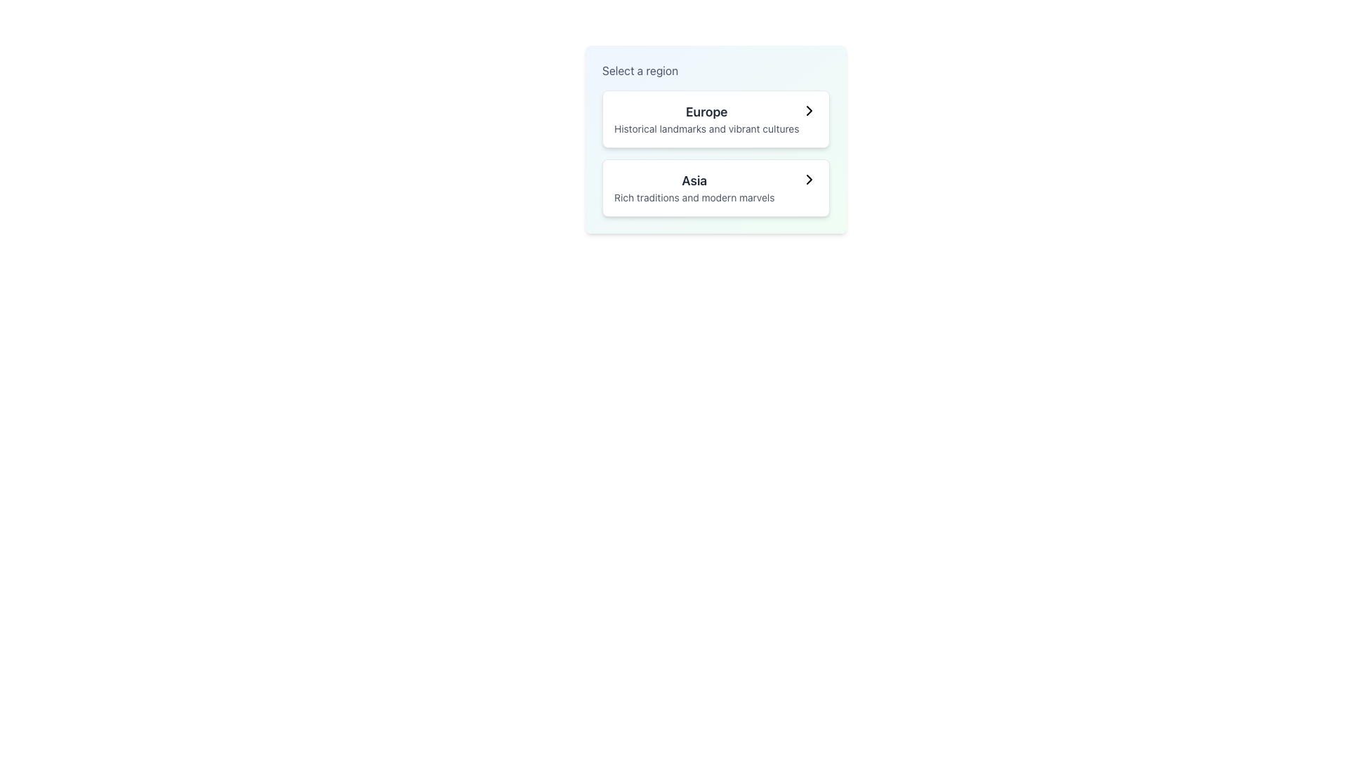 This screenshot has height=758, width=1348. I want to click on the descriptive subtitle text label providing additional information about the 'Europe' section, located below the heading 'Europe' within the selectable card region, so click(706, 129).